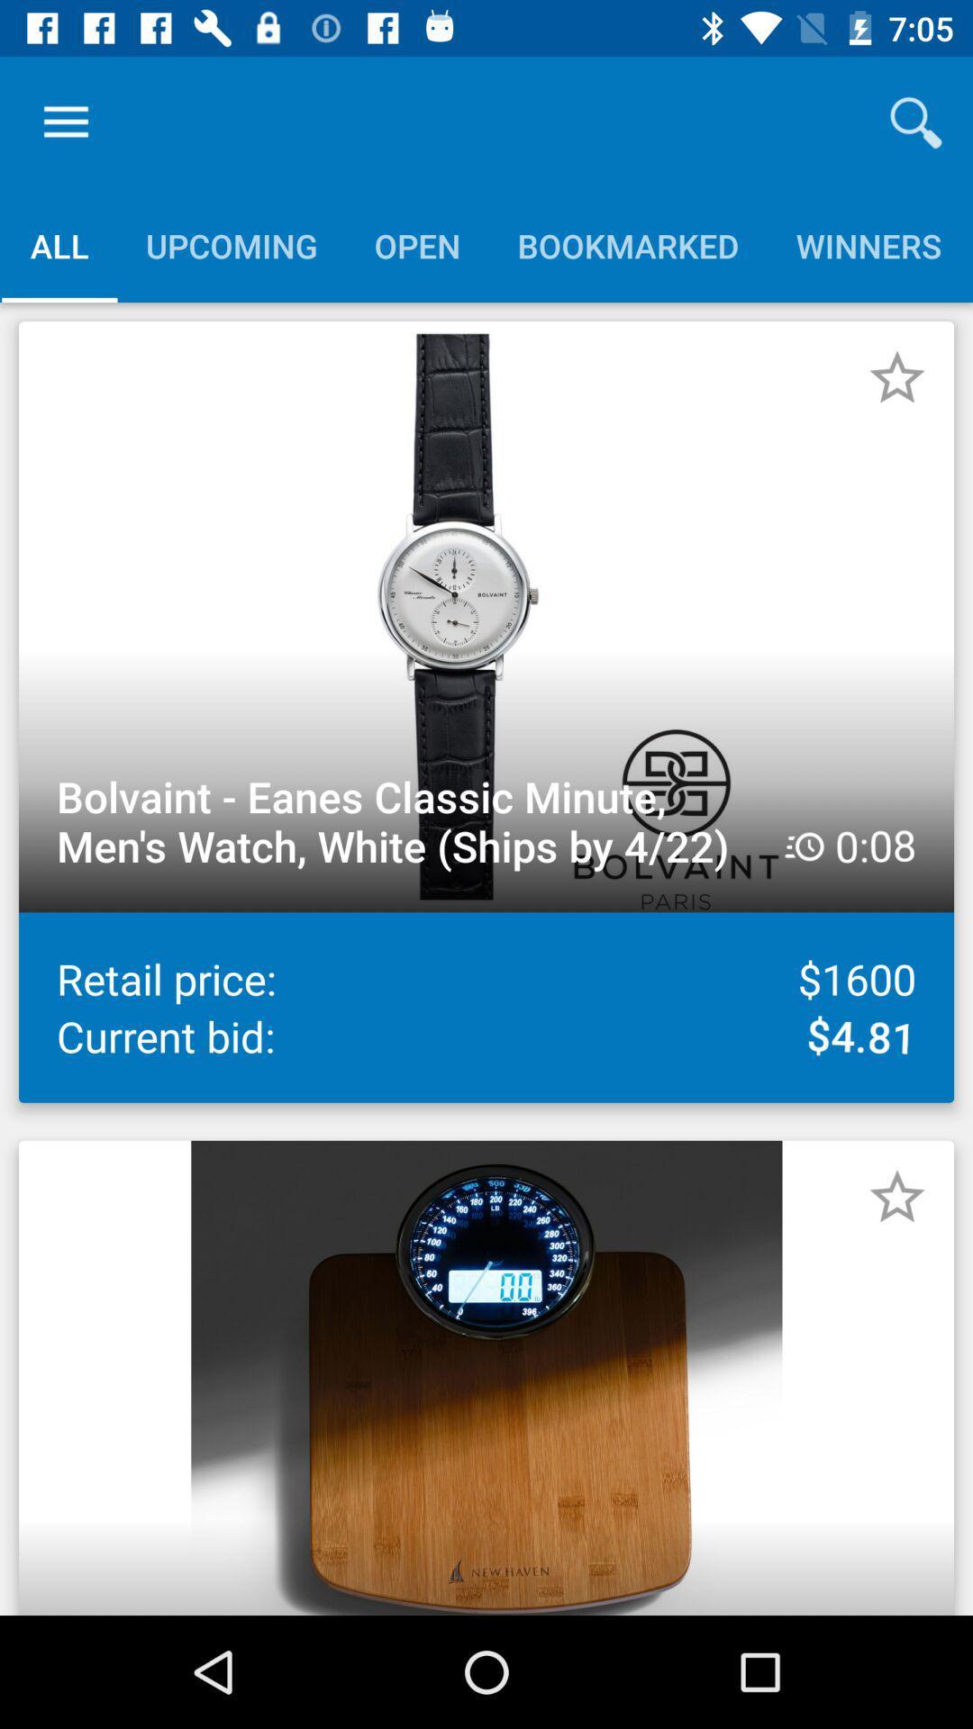  What do you see at coordinates (65, 122) in the screenshot?
I see `the item above all item` at bounding box center [65, 122].